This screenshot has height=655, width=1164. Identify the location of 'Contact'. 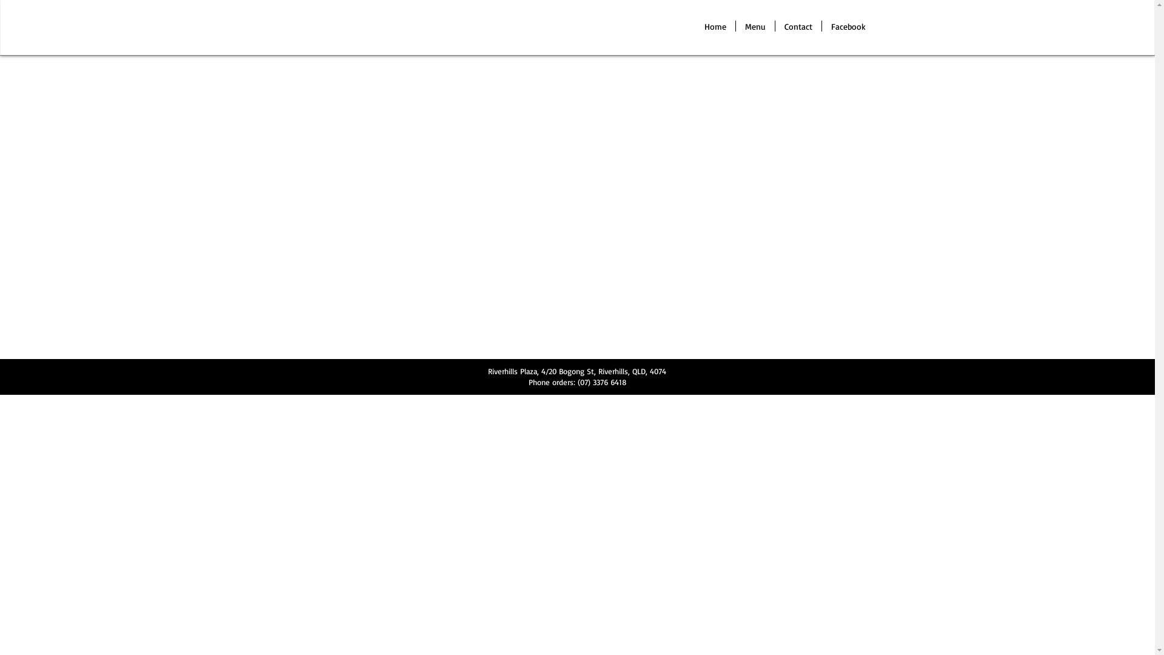
(797, 25).